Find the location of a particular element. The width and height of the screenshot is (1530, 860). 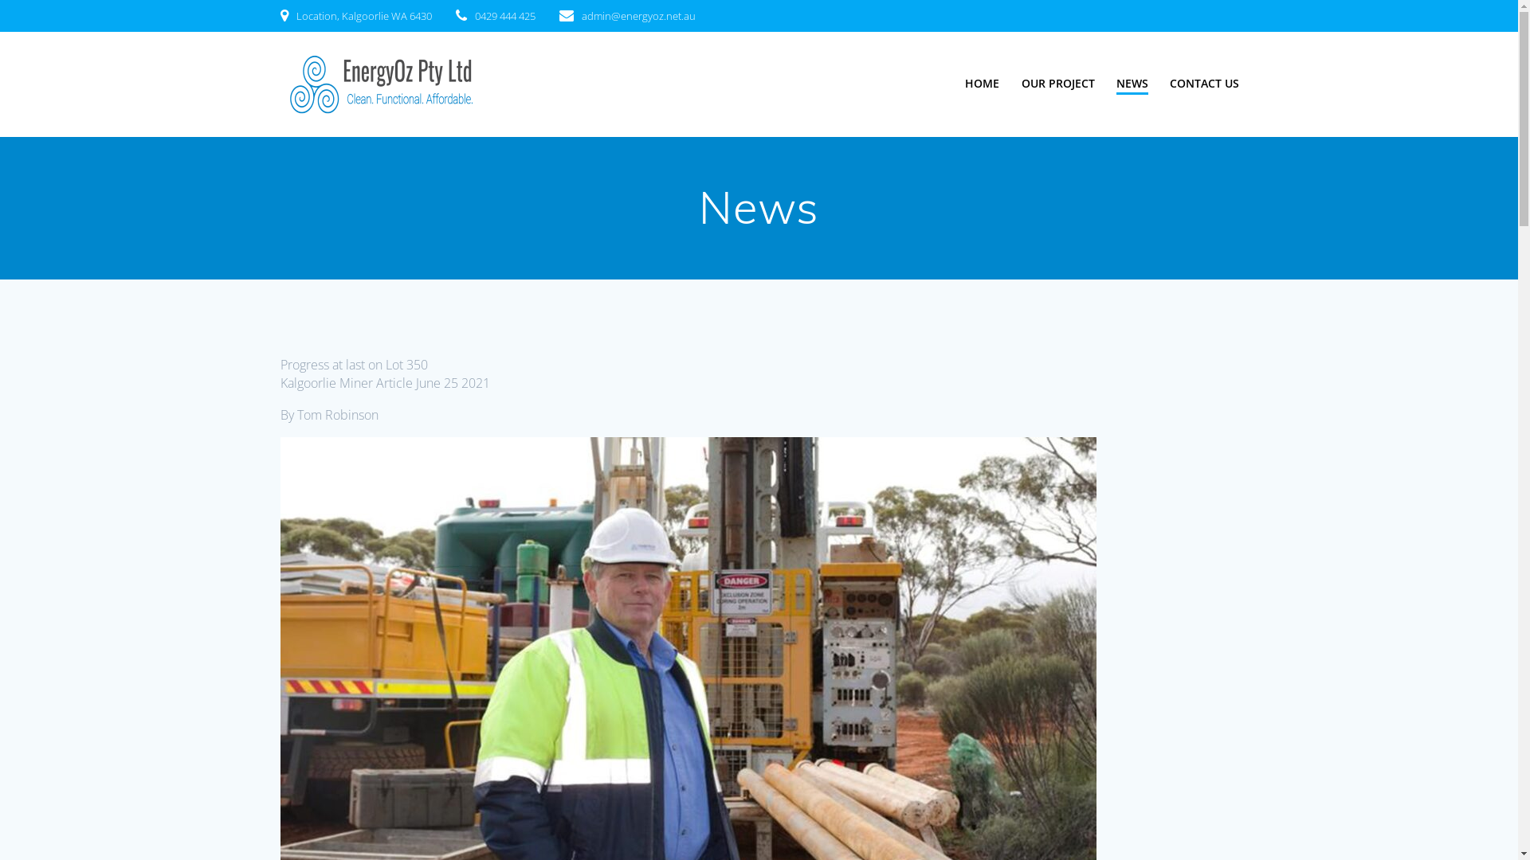

'CONTACT US' is located at coordinates (1204, 83).